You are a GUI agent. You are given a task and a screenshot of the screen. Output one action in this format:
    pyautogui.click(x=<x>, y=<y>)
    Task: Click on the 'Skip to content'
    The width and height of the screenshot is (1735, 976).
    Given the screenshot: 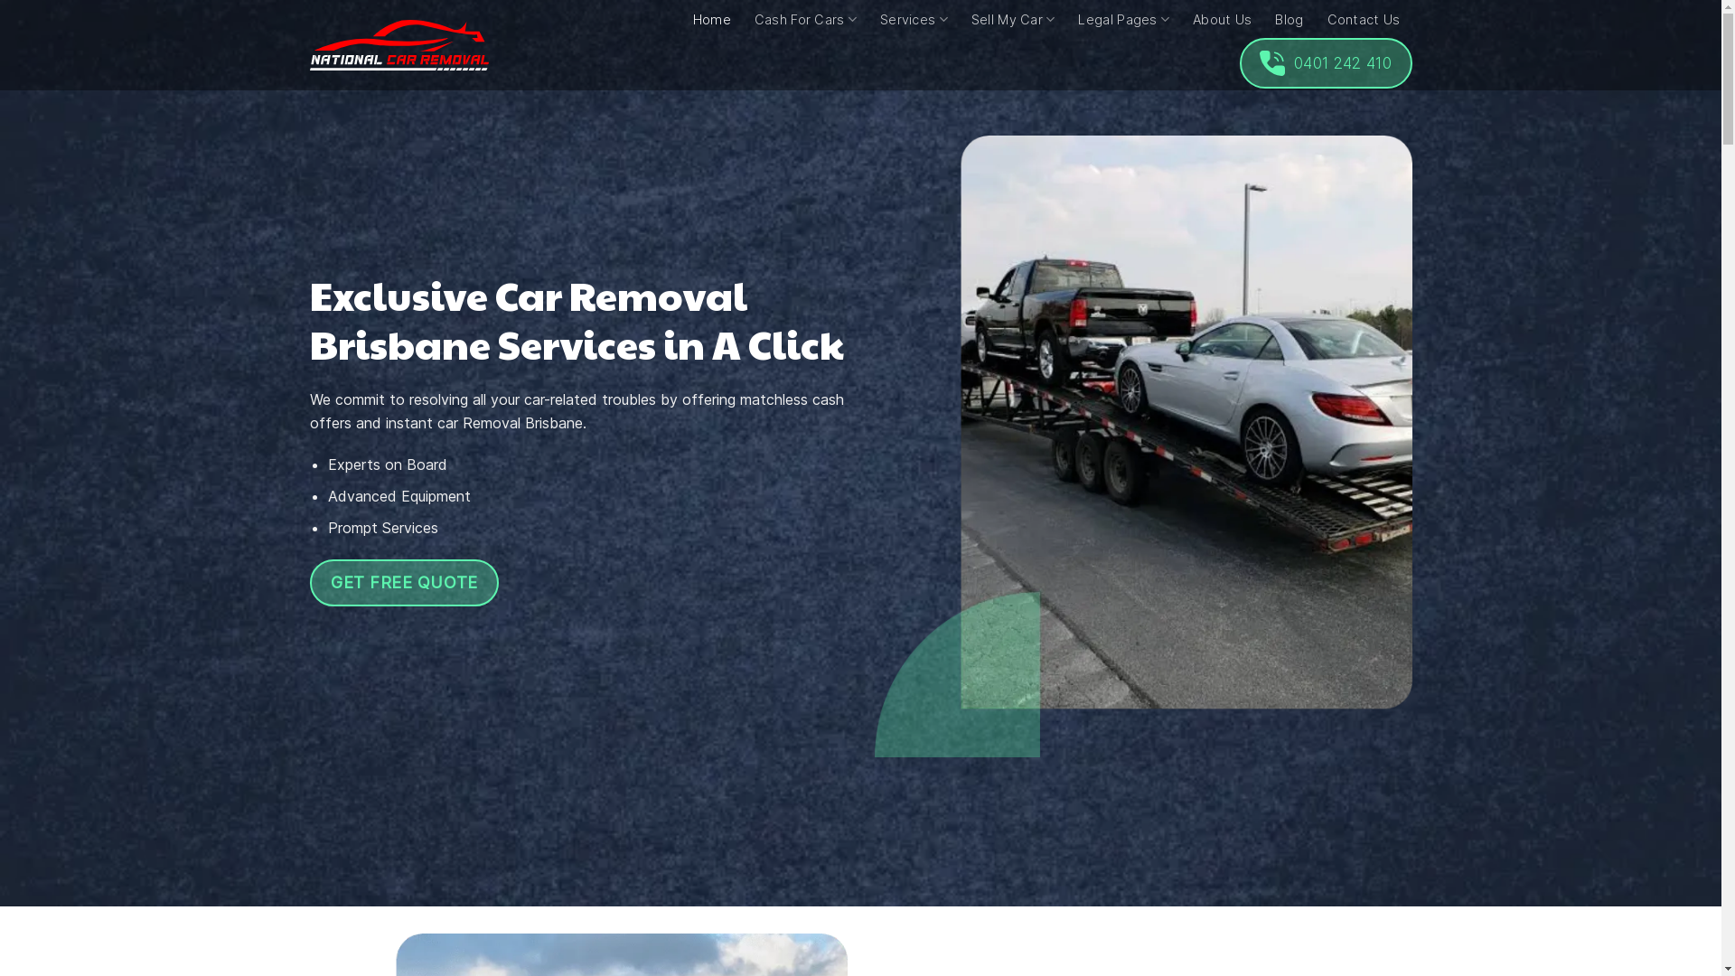 What is the action you would take?
    pyautogui.click(x=0, y=0)
    